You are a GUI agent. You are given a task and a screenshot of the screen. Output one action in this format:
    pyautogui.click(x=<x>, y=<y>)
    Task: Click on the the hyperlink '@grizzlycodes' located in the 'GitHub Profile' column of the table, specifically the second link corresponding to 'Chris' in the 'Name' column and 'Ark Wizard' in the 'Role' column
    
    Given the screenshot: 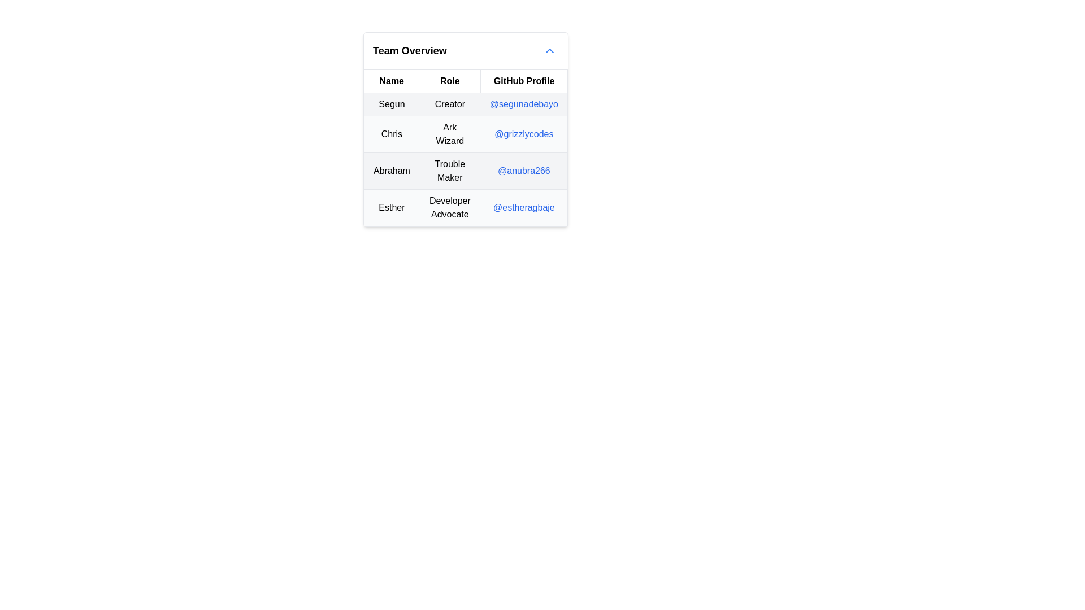 What is the action you would take?
    pyautogui.click(x=523, y=133)
    